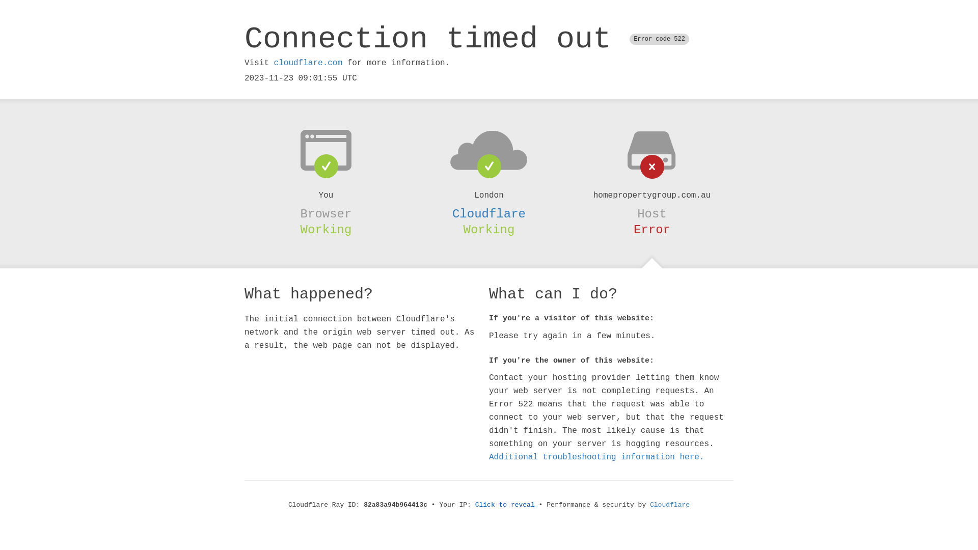 This screenshot has width=978, height=550. I want to click on 'cloudflare.com', so click(307, 63).